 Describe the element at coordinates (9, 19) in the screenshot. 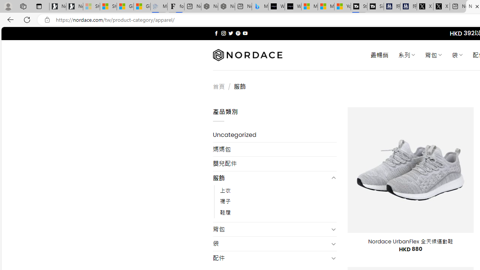

I see `'Back'` at that location.